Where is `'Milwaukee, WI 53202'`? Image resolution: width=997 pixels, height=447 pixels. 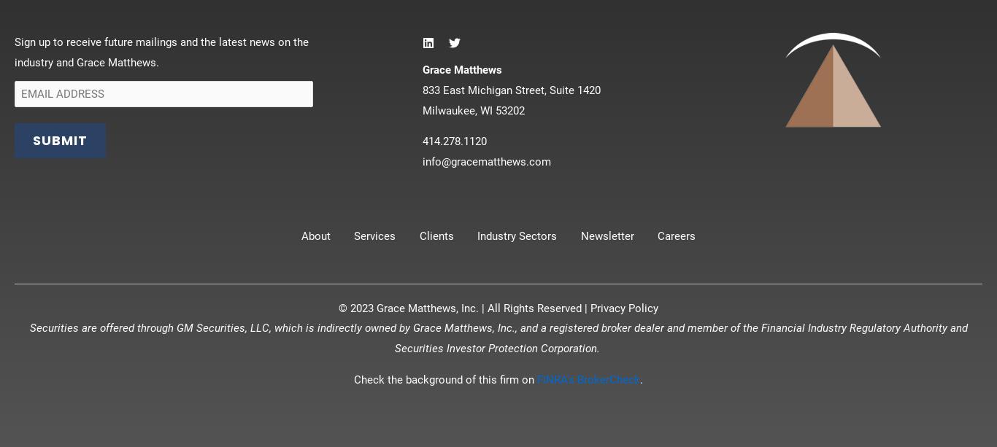 'Milwaukee, WI 53202' is located at coordinates (472, 109).